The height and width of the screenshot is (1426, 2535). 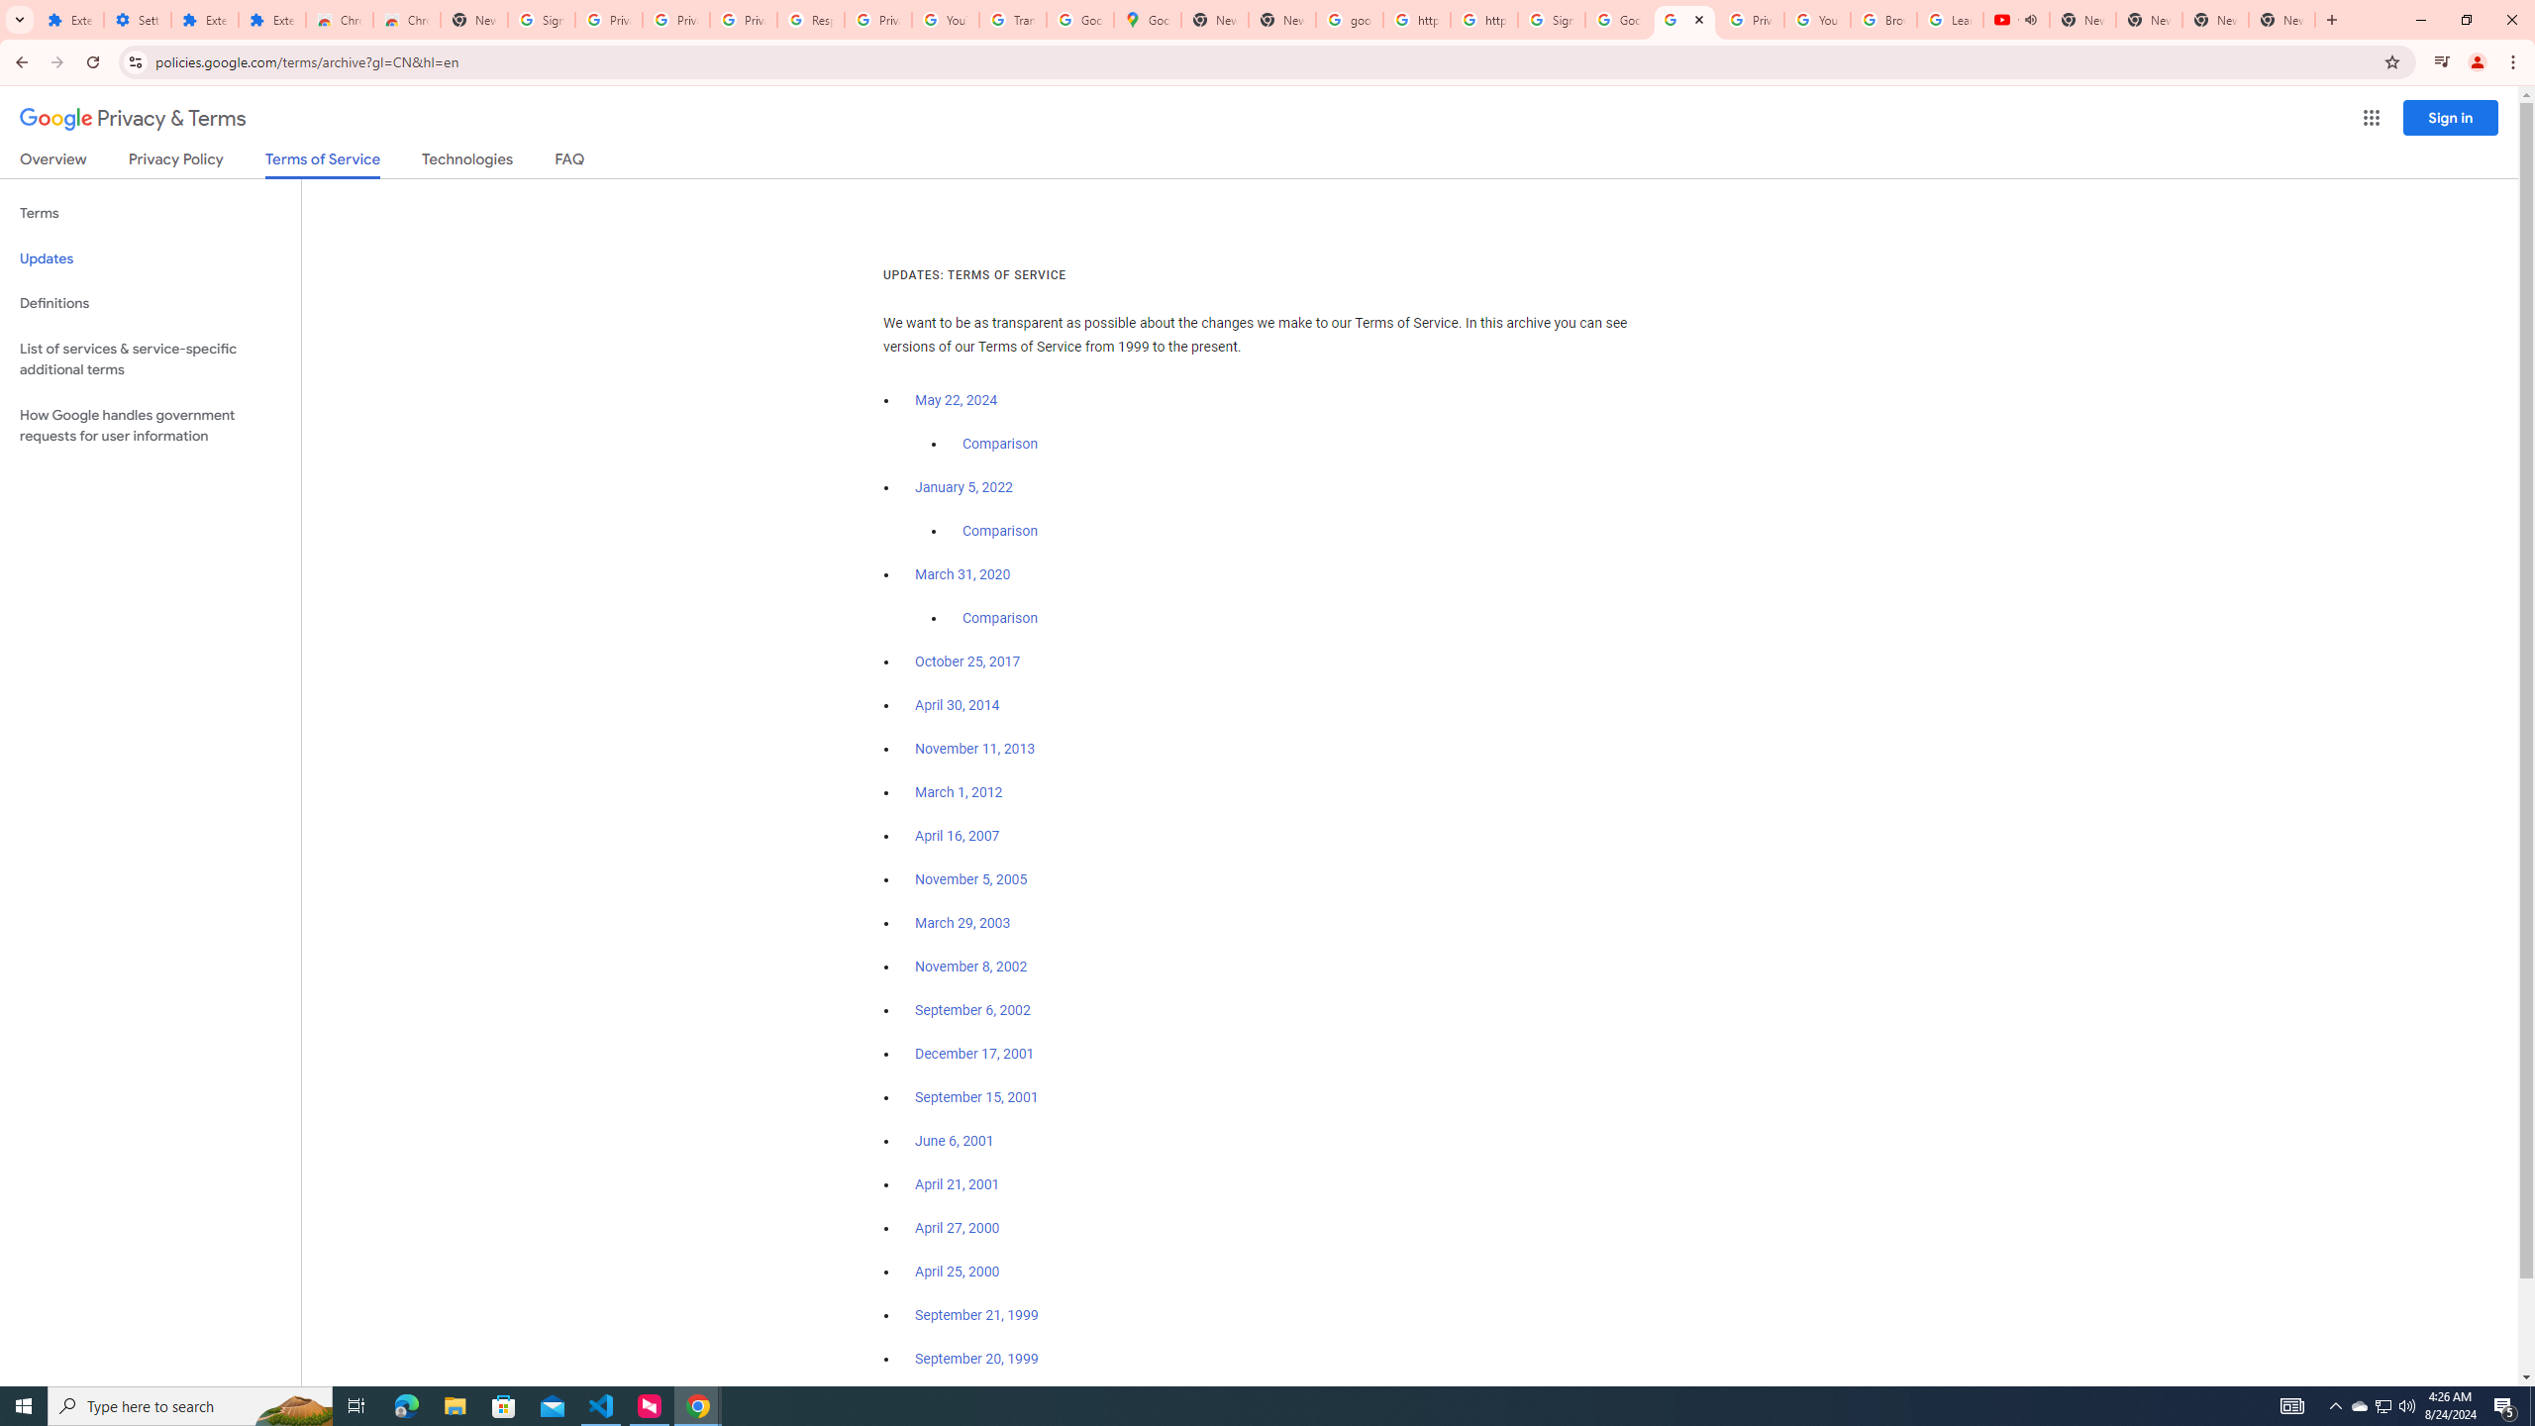 What do you see at coordinates (11, 9) in the screenshot?
I see `'System'` at bounding box center [11, 9].